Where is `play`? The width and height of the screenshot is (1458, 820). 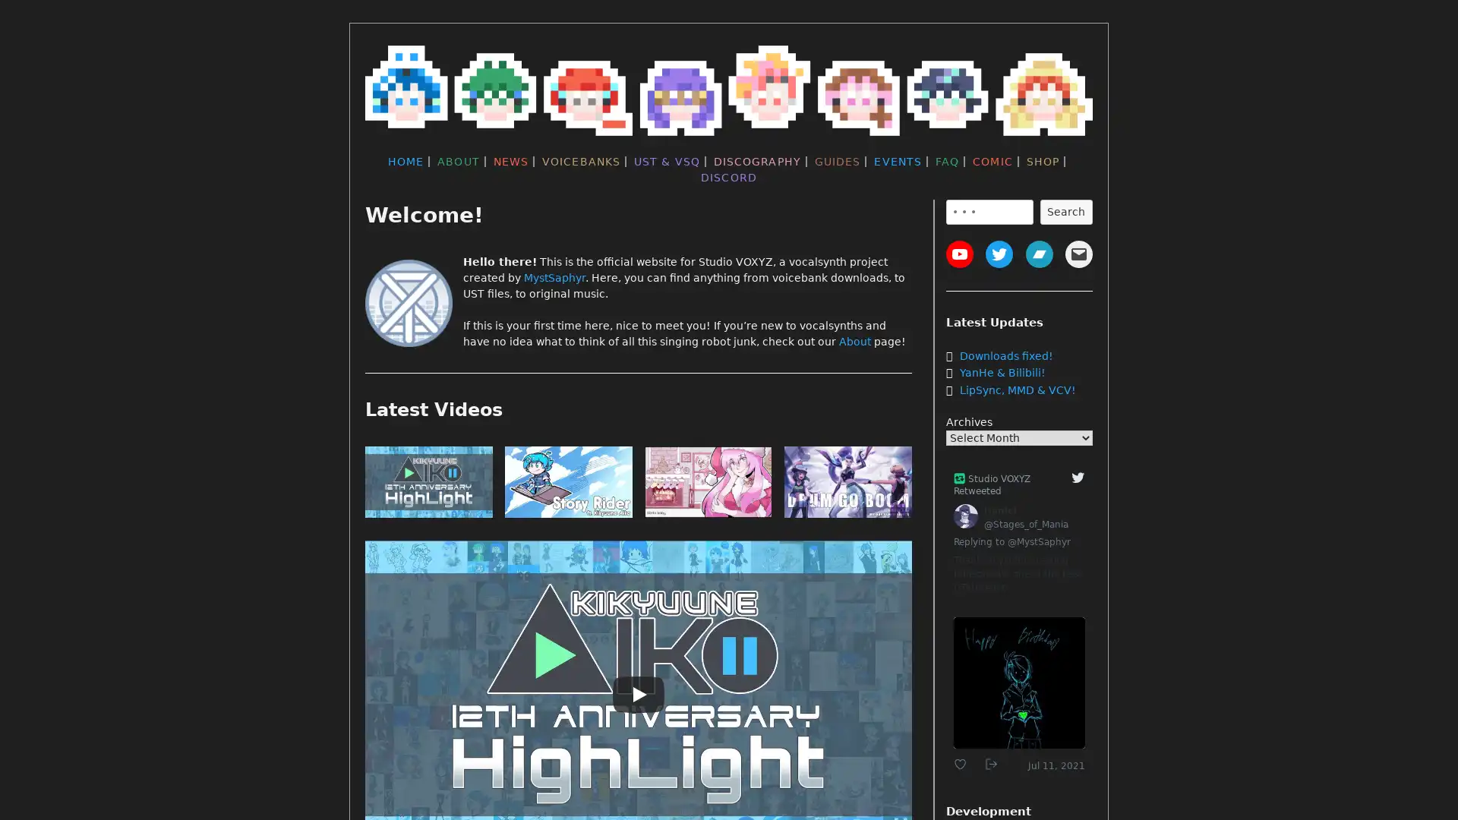 play is located at coordinates (847, 485).